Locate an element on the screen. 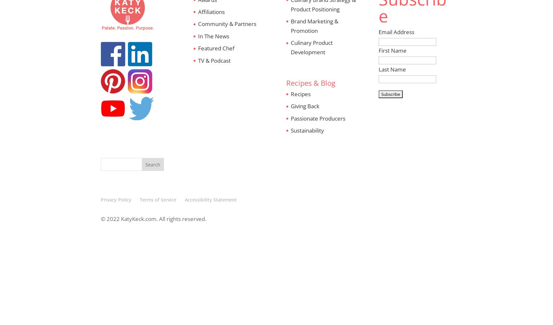 The width and height of the screenshot is (553, 325). 'Featured Chef' is located at coordinates (216, 48).